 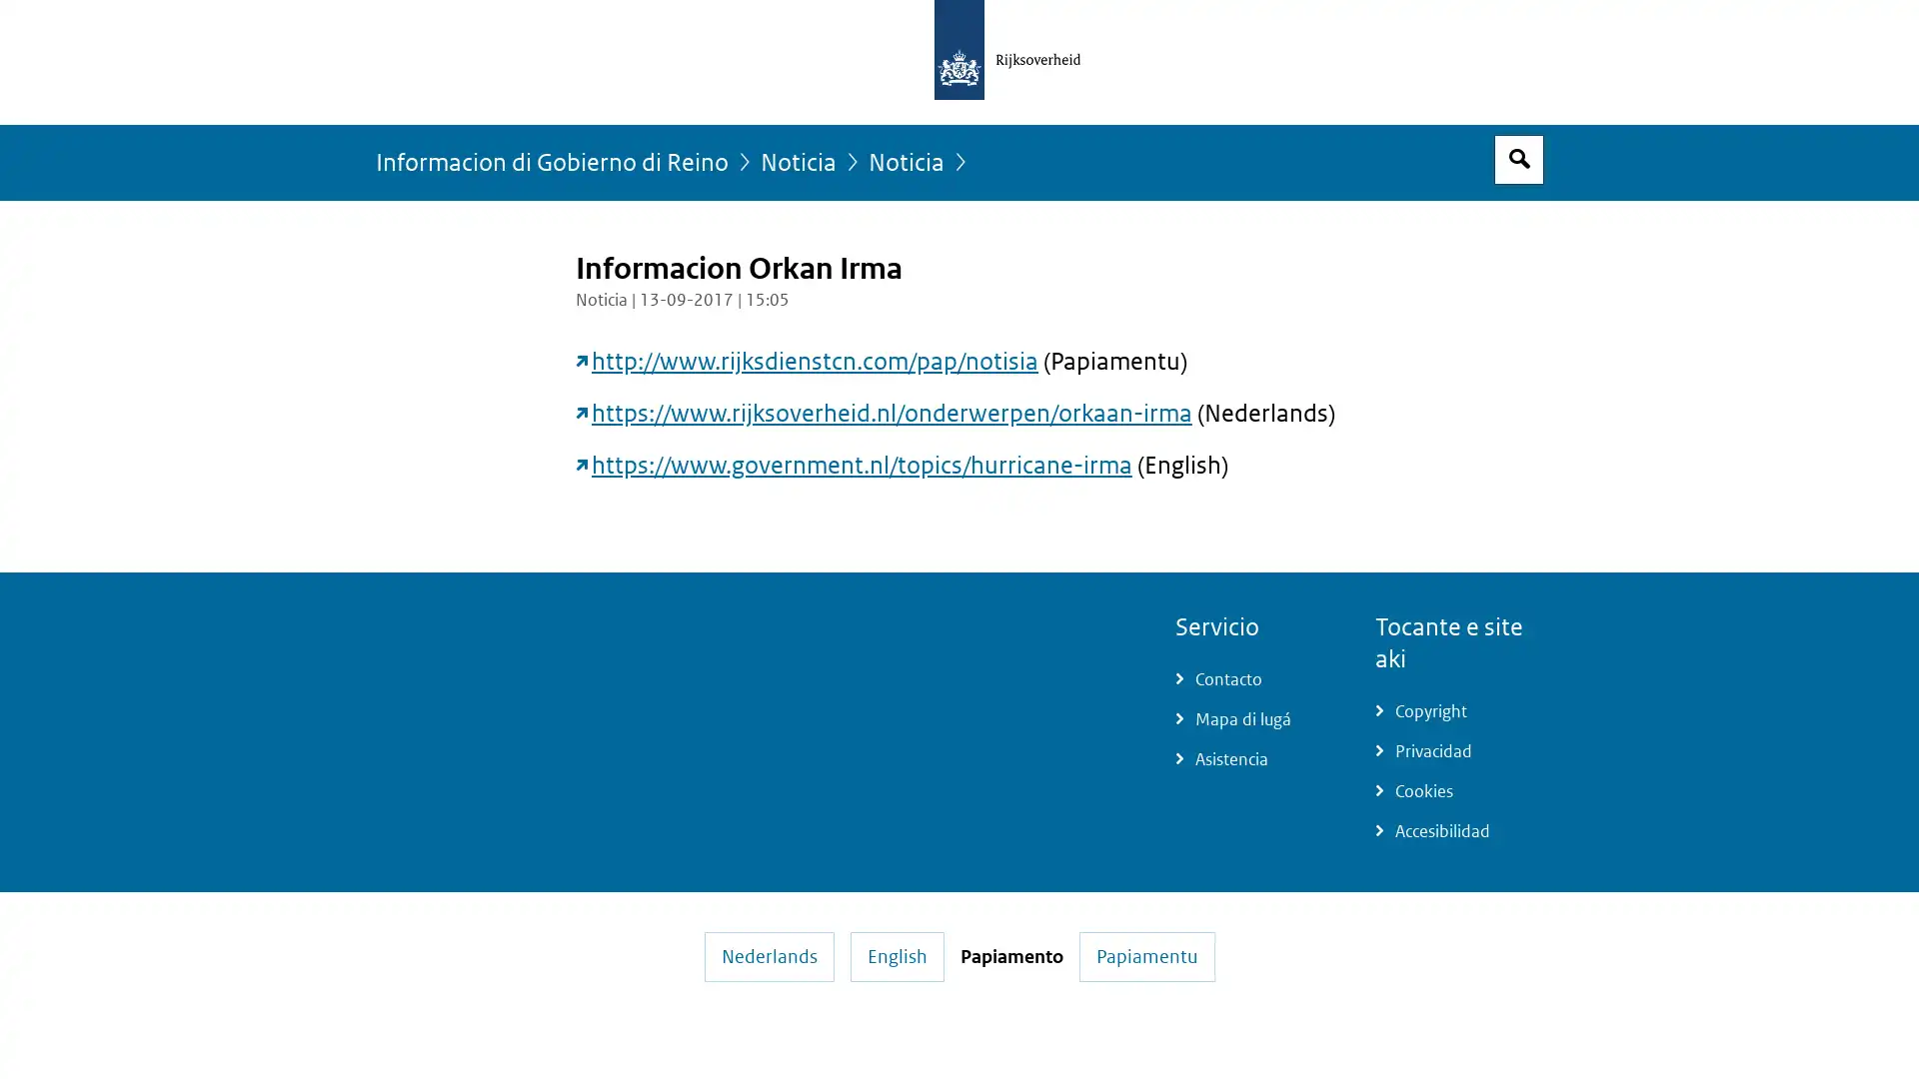 What do you see at coordinates (1519, 158) in the screenshot?
I see `Espacio pa busca habri` at bounding box center [1519, 158].